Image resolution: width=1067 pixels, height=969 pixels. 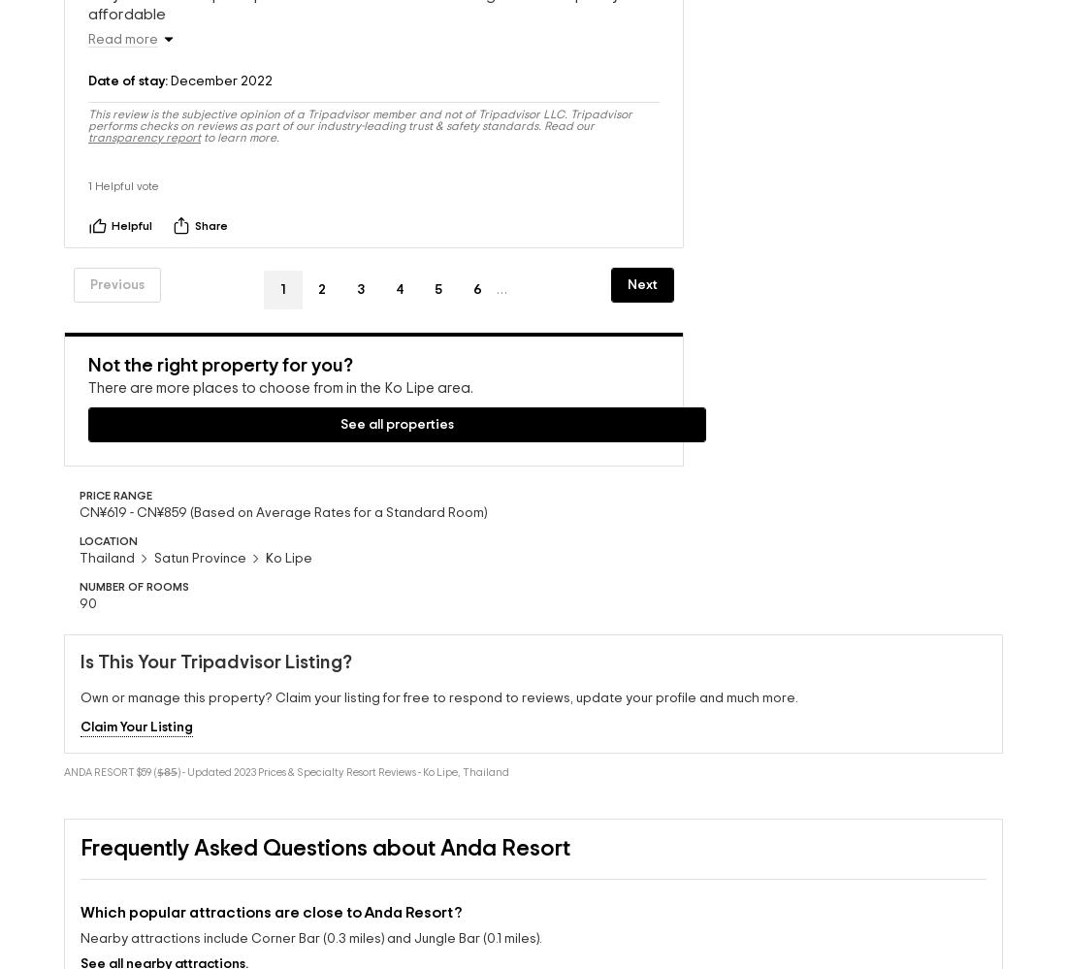 I want to click on 'Thailand', so click(x=107, y=541).